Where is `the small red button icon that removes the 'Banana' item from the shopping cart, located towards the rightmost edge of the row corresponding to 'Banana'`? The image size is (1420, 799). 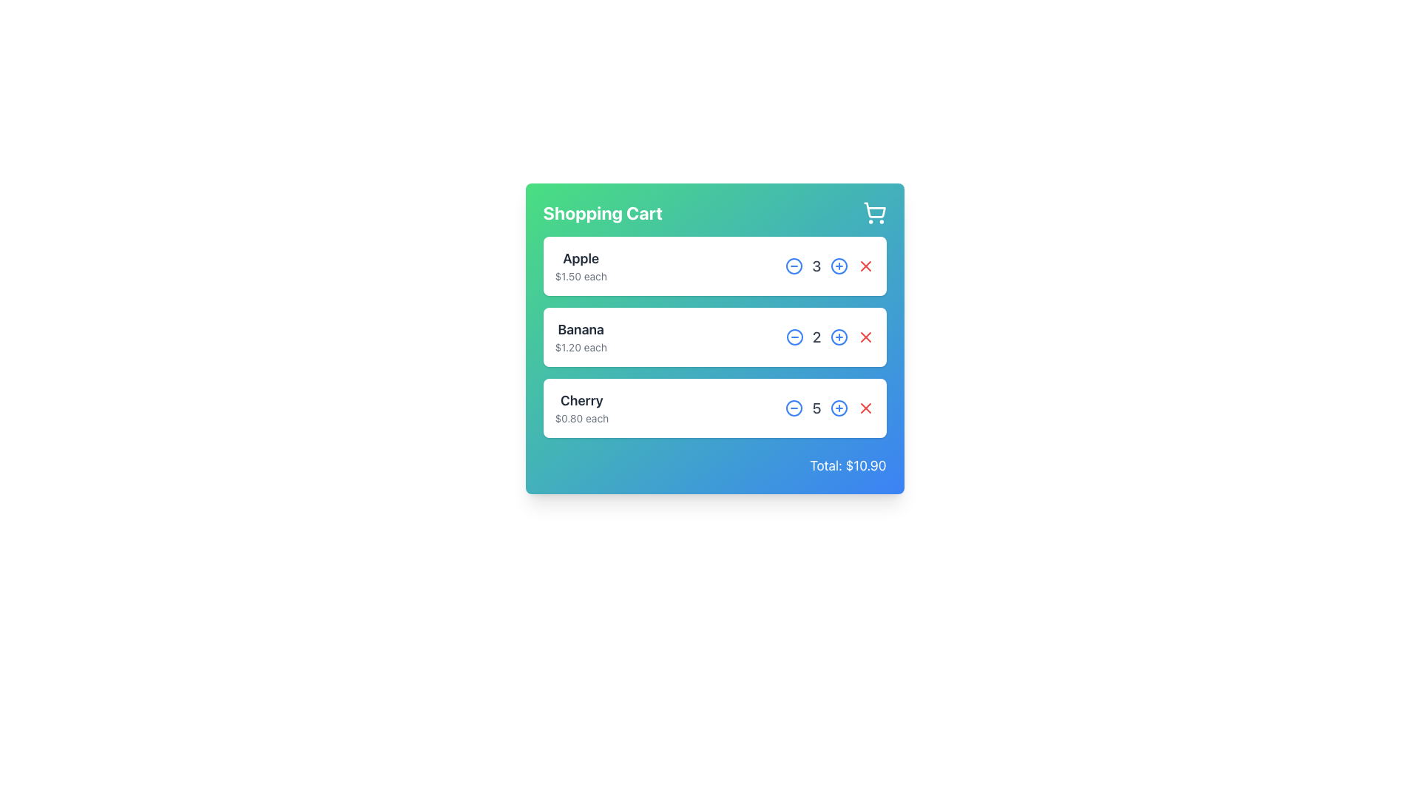
the small red button icon that removes the 'Banana' item from the shopping cart, located towards the rightmost edge of the row corresponding to 'Banana' is located at coordinates (865, 337).